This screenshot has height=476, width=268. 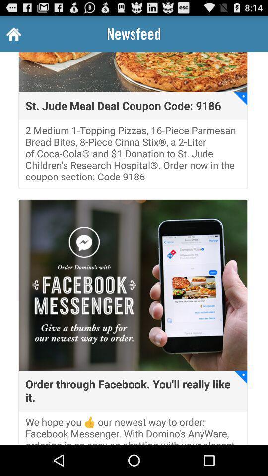 What do you see at coordinates (133, 430) in the screenshot?
I see `the icon below the order through facebook item` at bounding box center [133, 430].